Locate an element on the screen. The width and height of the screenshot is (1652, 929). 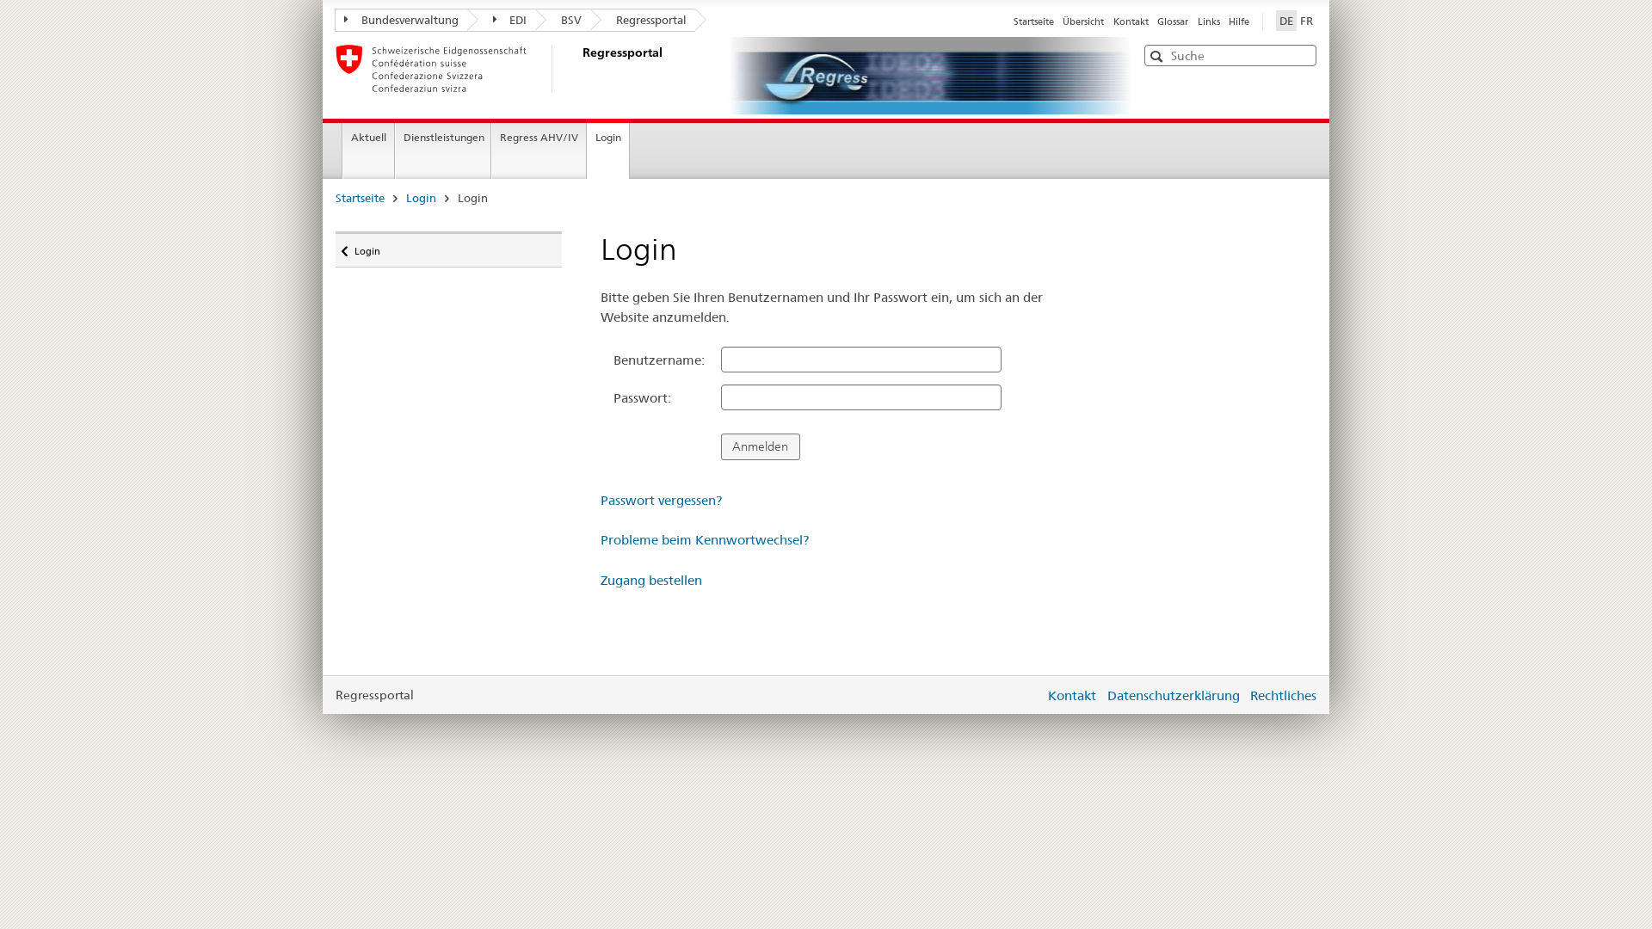
'Anmelden' is located at coordinates (759, 446).